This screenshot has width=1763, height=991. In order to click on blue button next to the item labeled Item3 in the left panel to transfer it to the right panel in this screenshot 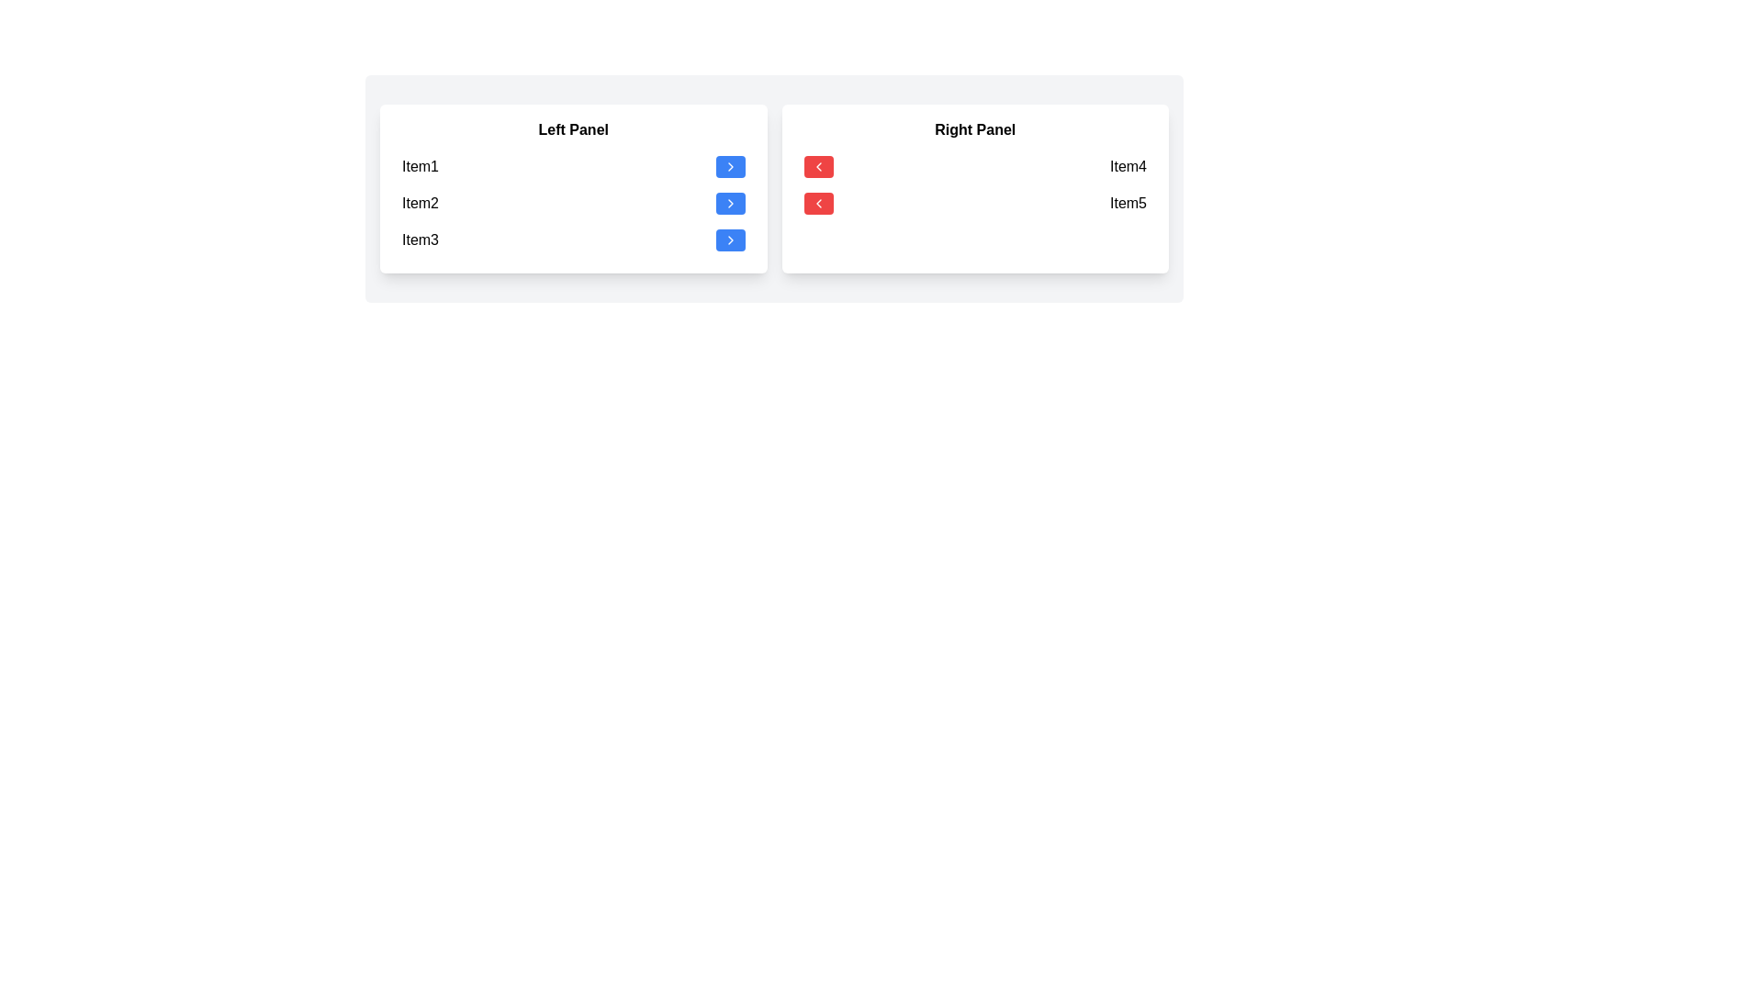, I will do `click(729, 239)`.